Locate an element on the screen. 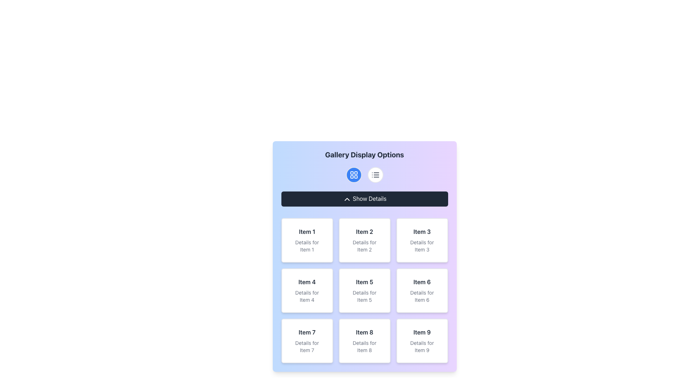 The image size is (690, 388). the static text providing descriptive details about 'Item 8', located below the text 'Item 8' in the middle position of the third row in a grid of 3x3 cards is located at coordinates (364, 346).